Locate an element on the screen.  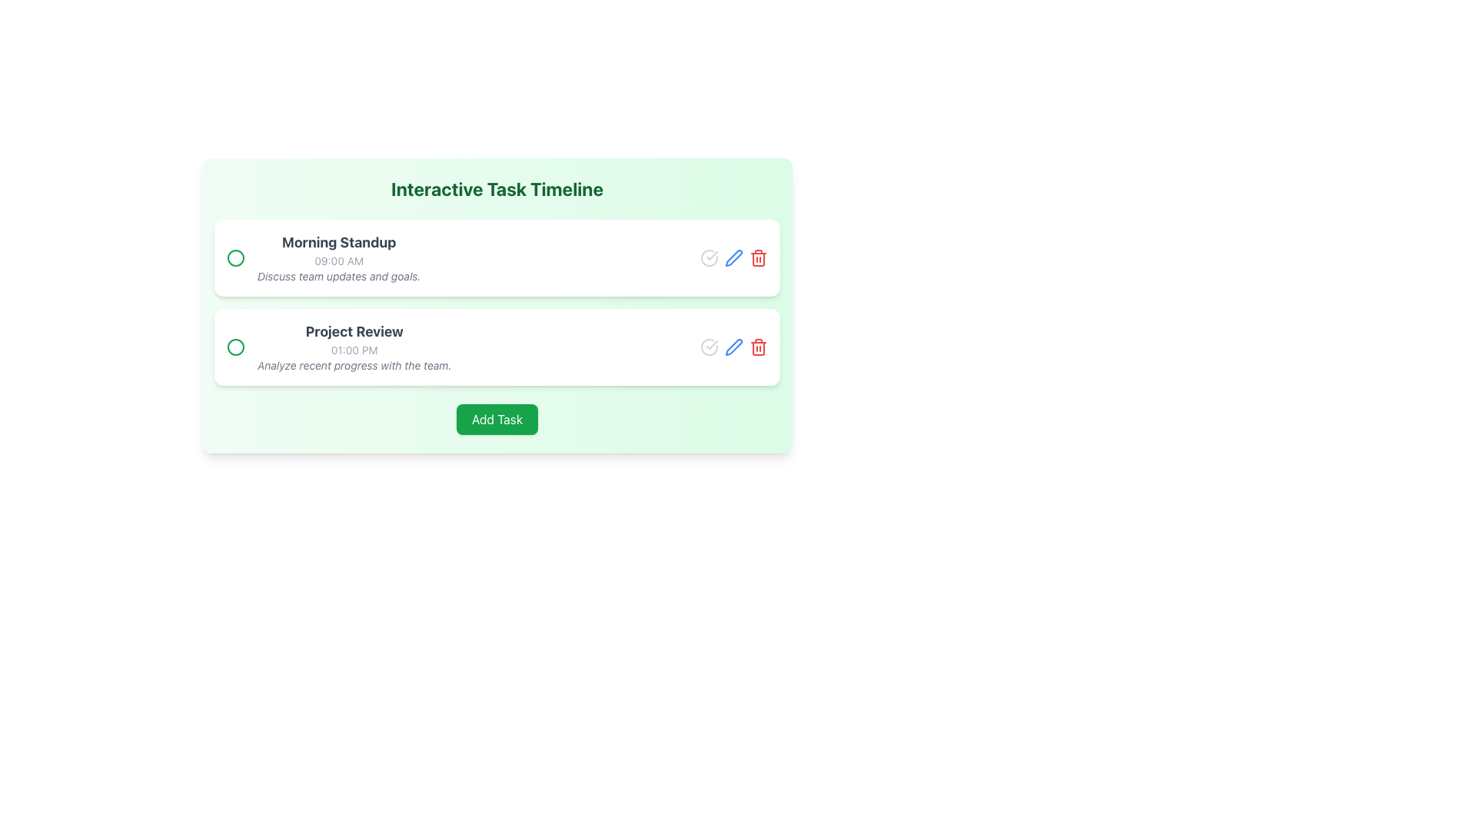
header text located at the top of the section, providing context to the tasks and their schedules is located at coordinates (497, 188).